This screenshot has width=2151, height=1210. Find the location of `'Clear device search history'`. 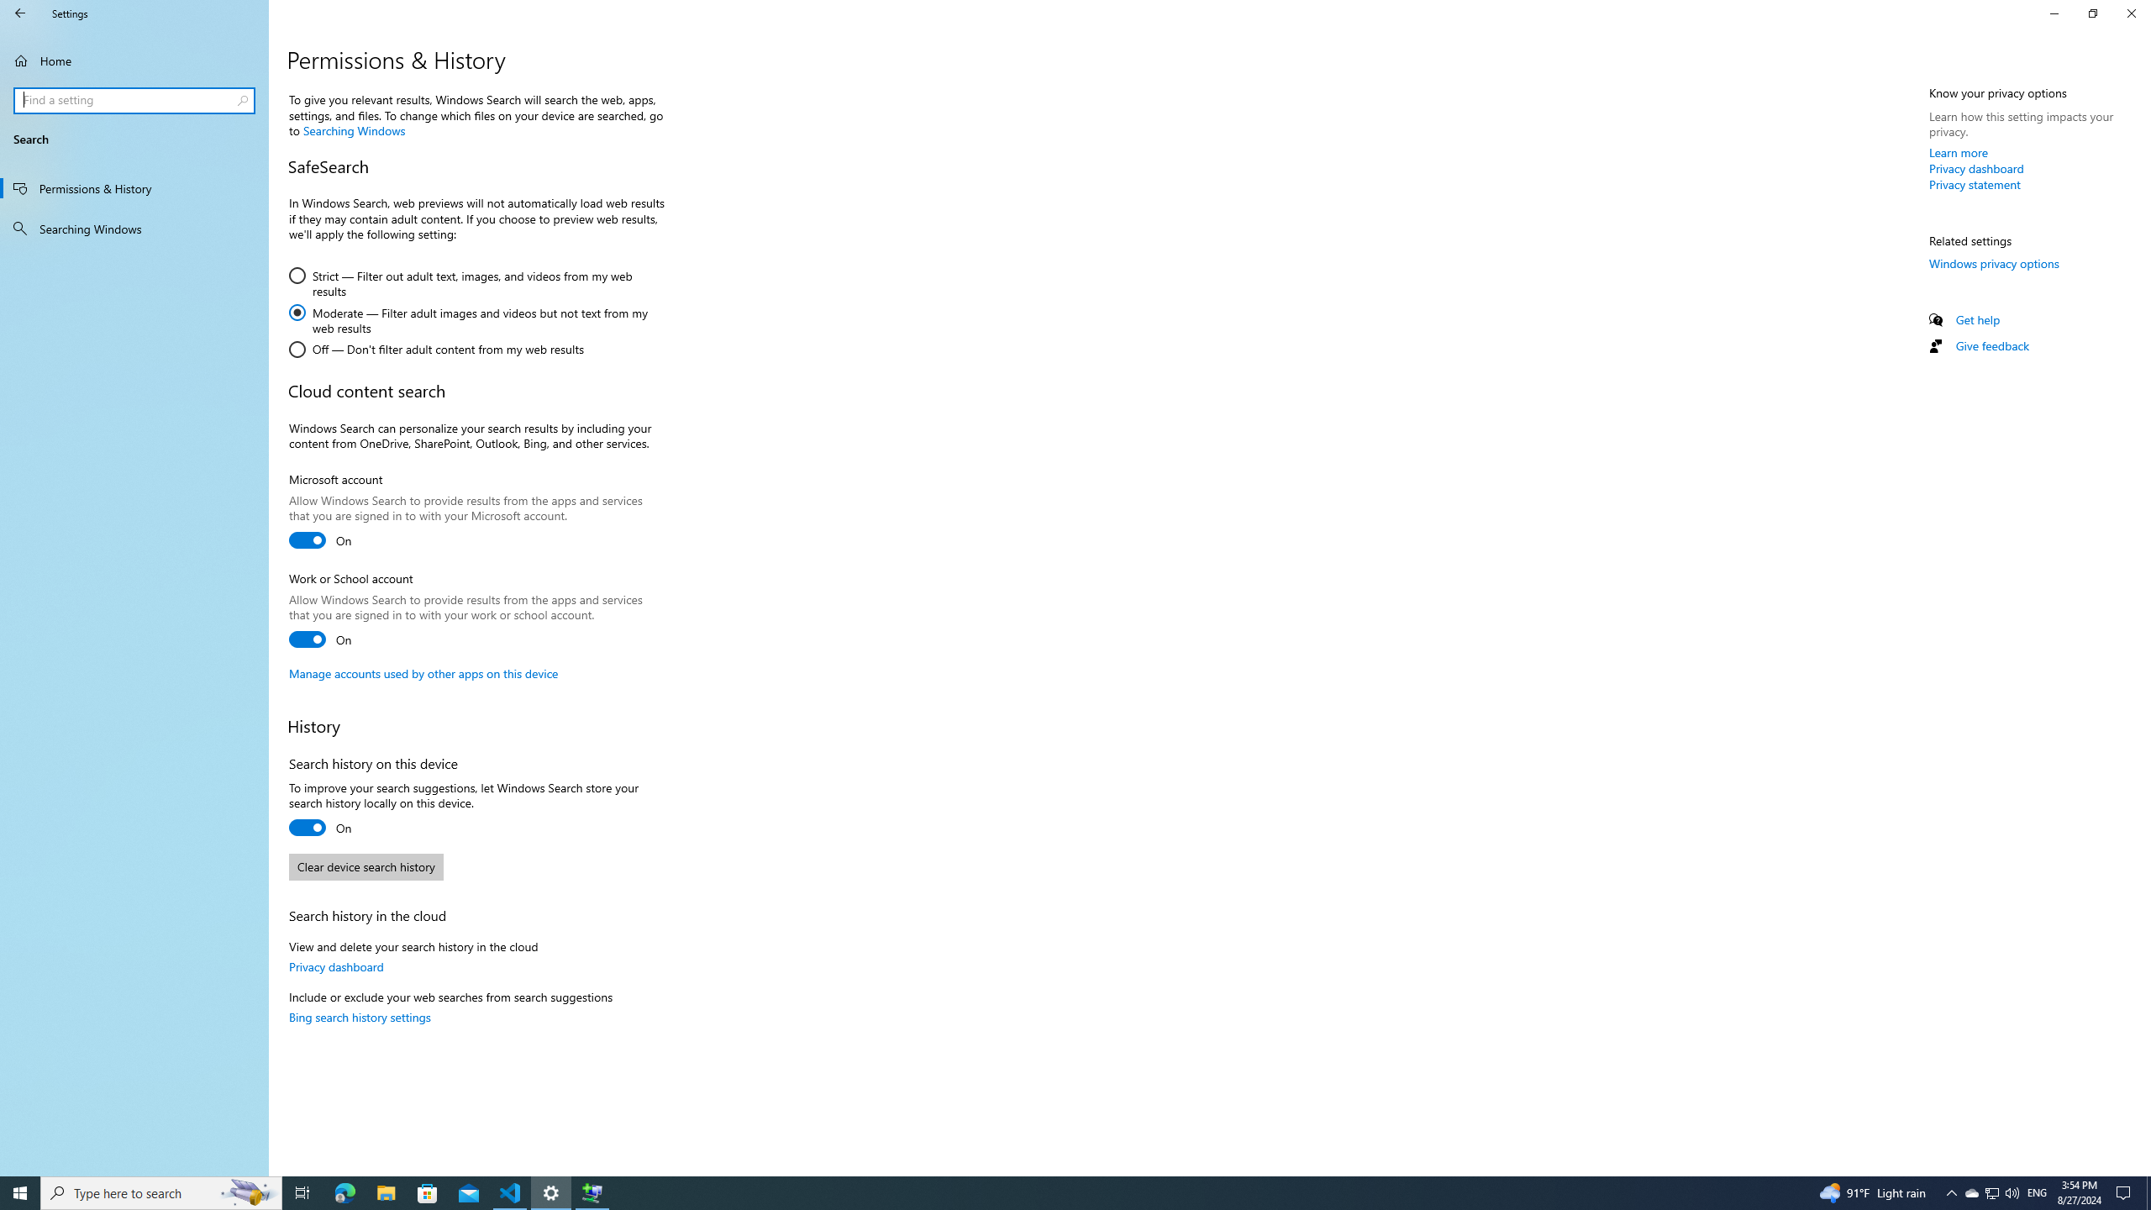

'Clear device search history' is located at coordinates (366, 866).